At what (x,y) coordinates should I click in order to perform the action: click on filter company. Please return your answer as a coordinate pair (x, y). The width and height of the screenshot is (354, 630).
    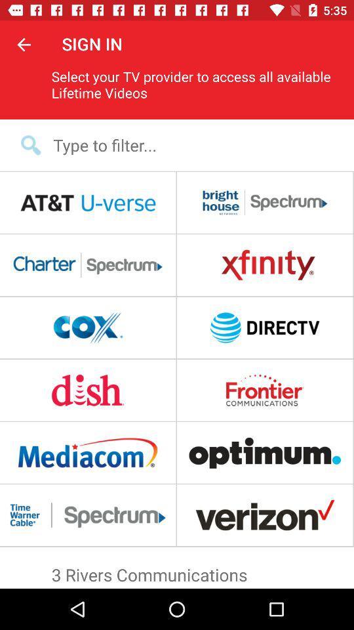
    Looking at the image, I should click on (185, 145).